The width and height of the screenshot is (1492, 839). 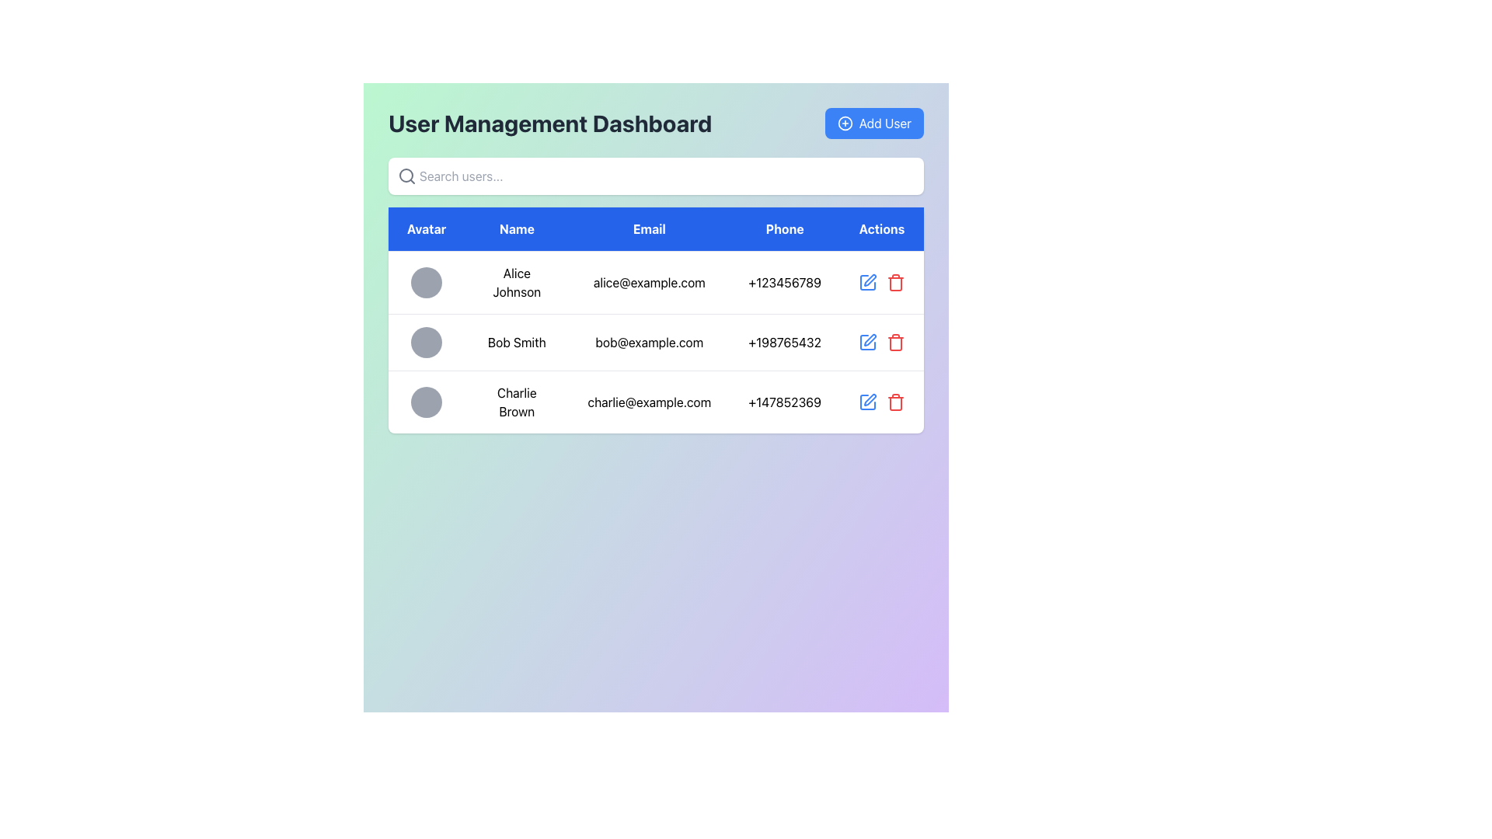 I want to click on the avatar placeholder for the user profile located in the first row under the 'Avatar' column next to 'Alice Johnson', so click(x=427, y=282).